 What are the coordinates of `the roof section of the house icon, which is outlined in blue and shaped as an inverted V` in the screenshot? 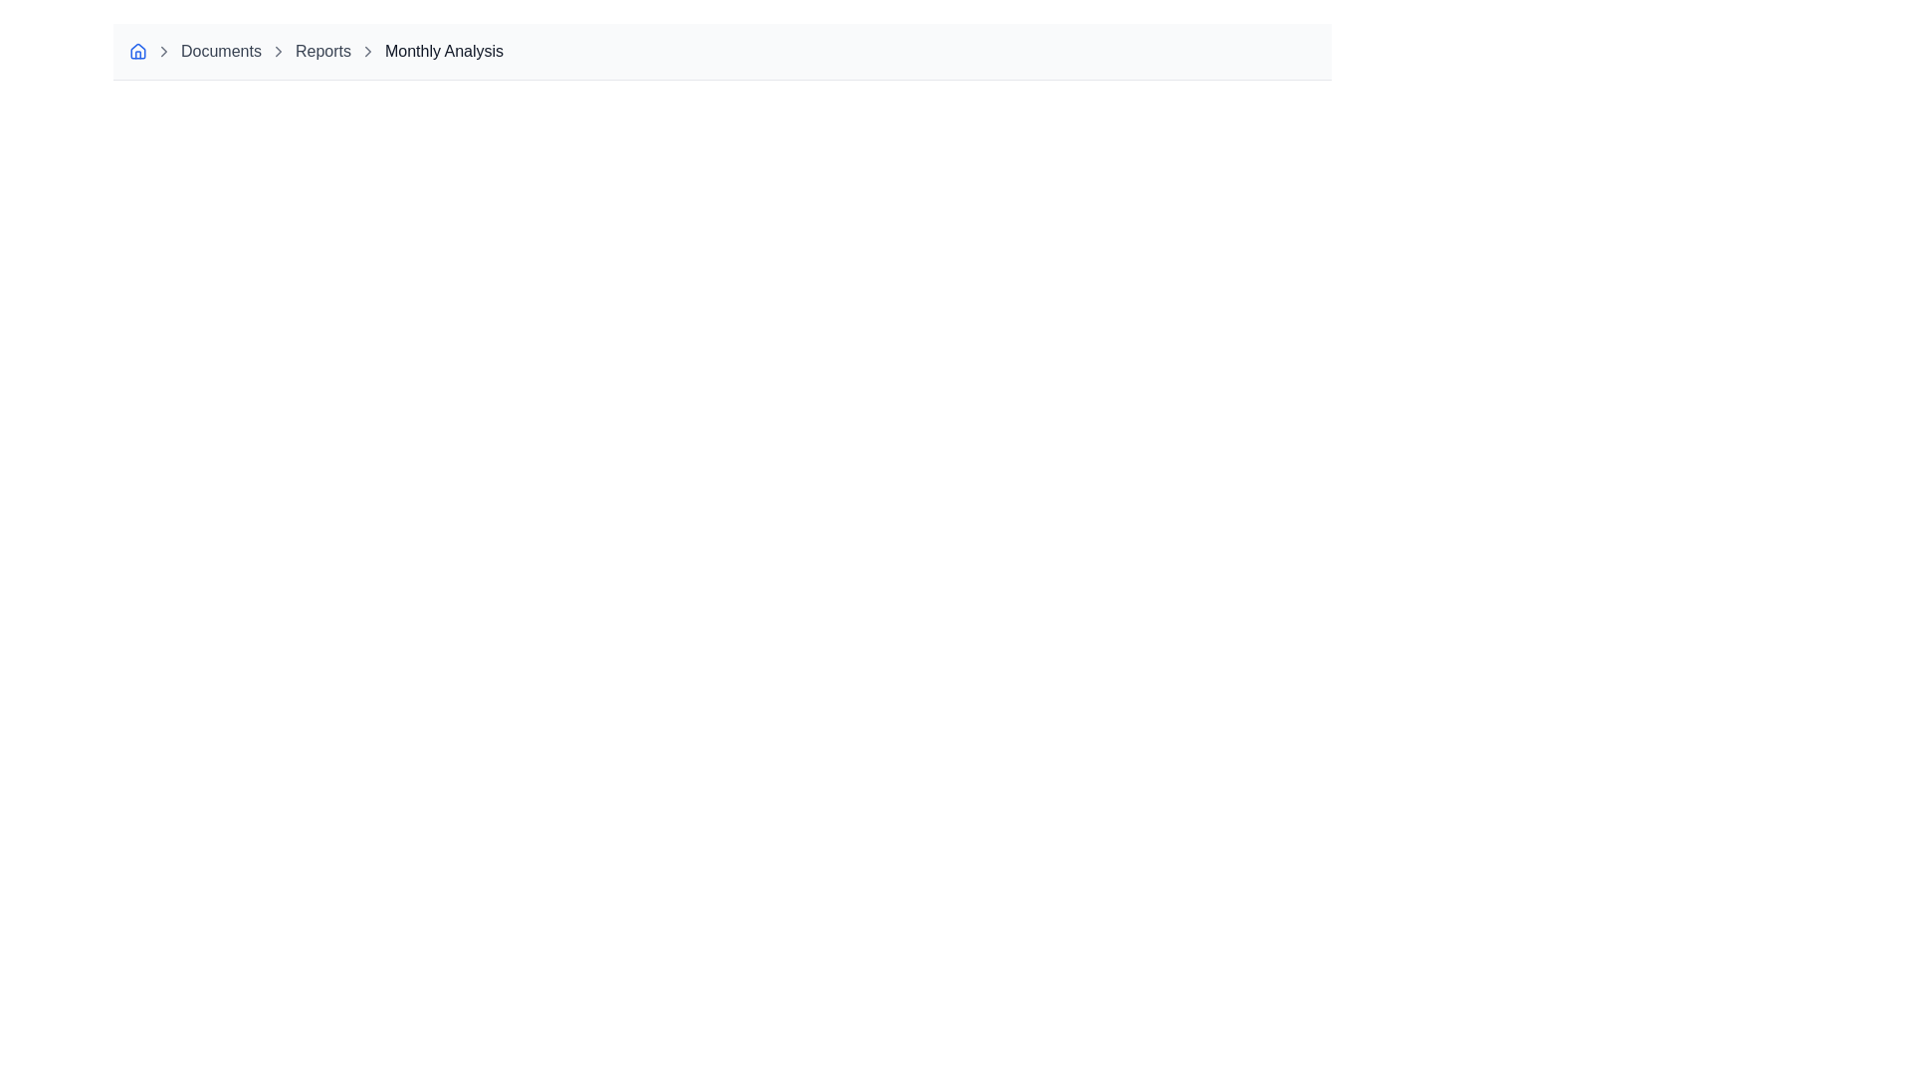 It's located at (137, 49).